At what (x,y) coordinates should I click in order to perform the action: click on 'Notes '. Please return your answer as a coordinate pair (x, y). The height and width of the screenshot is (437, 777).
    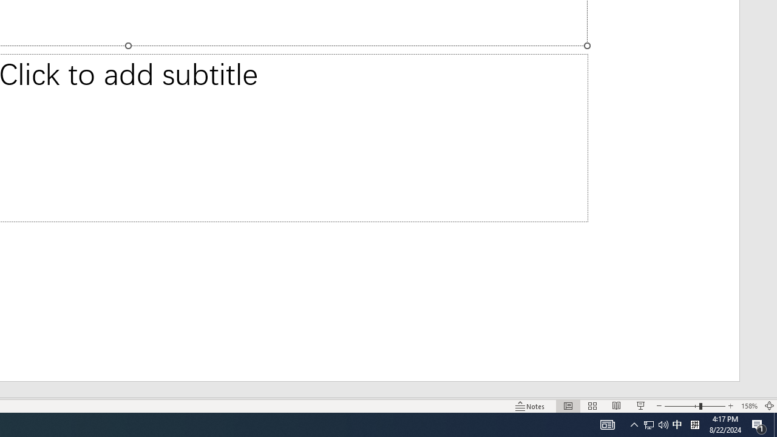
    Looking at the image, I should click on (531, 406).